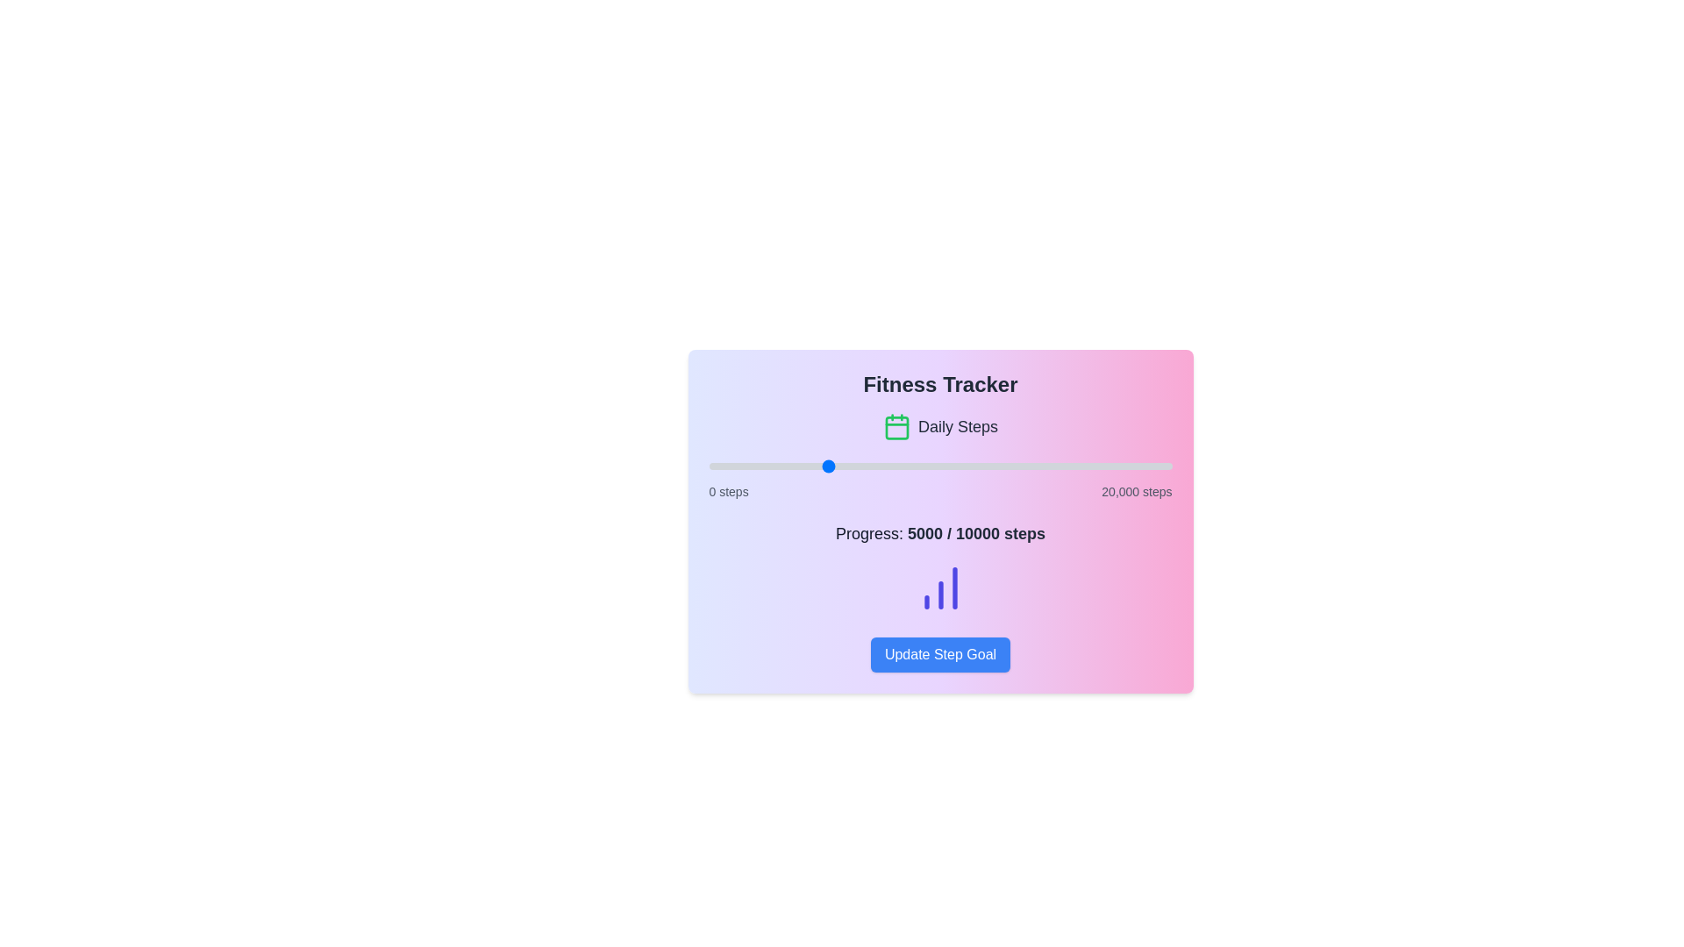  I want to click on the step progress slider to set the step count to 10387, so click(948, 466).